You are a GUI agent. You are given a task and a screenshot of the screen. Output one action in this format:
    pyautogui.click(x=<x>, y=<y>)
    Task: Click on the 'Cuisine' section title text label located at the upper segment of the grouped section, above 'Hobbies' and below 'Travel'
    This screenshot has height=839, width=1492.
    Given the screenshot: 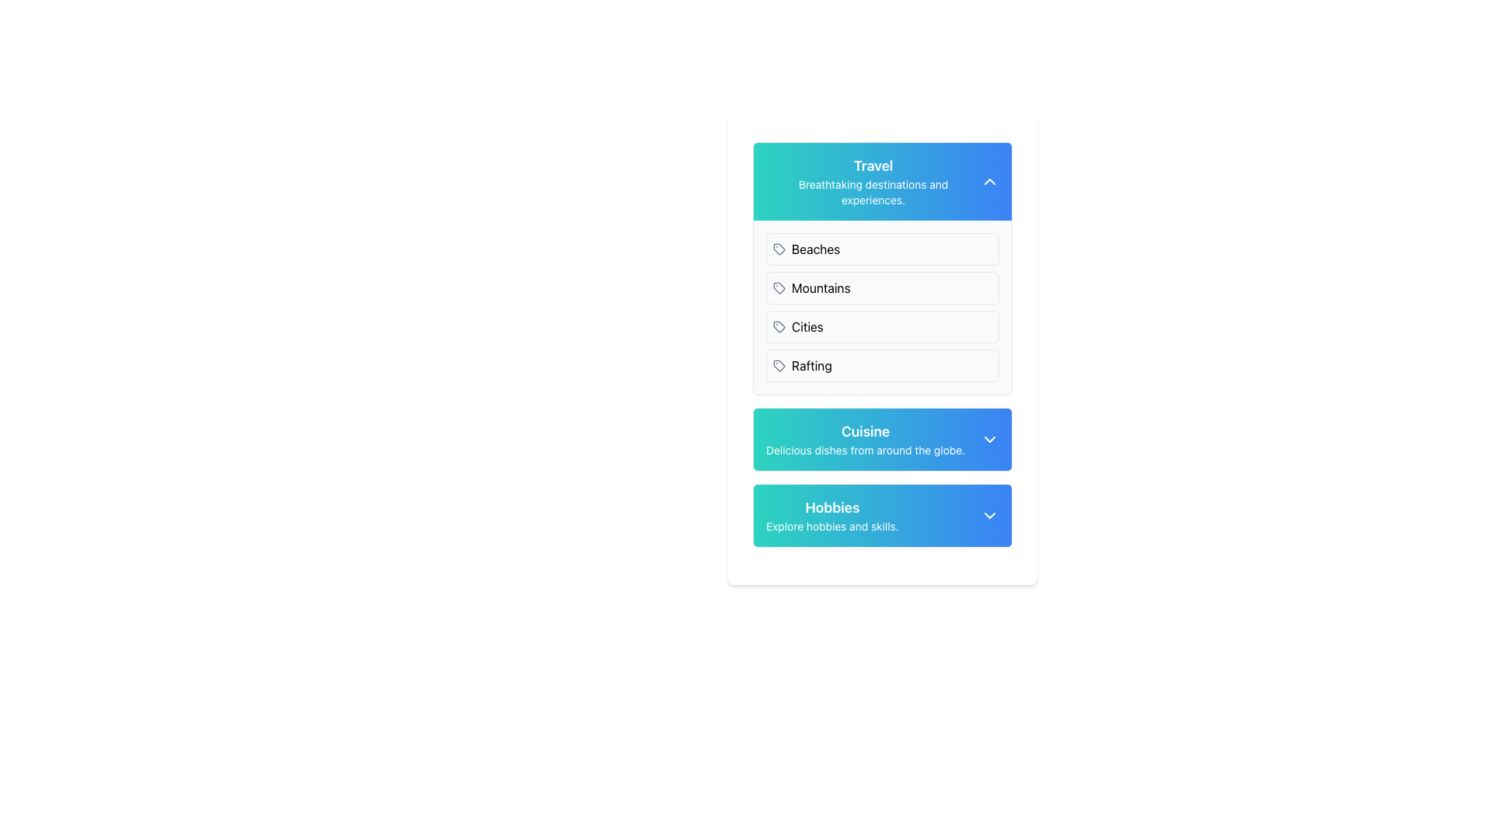 What is the action you would take?
    pyautogui.click(x=864, y=431)
    